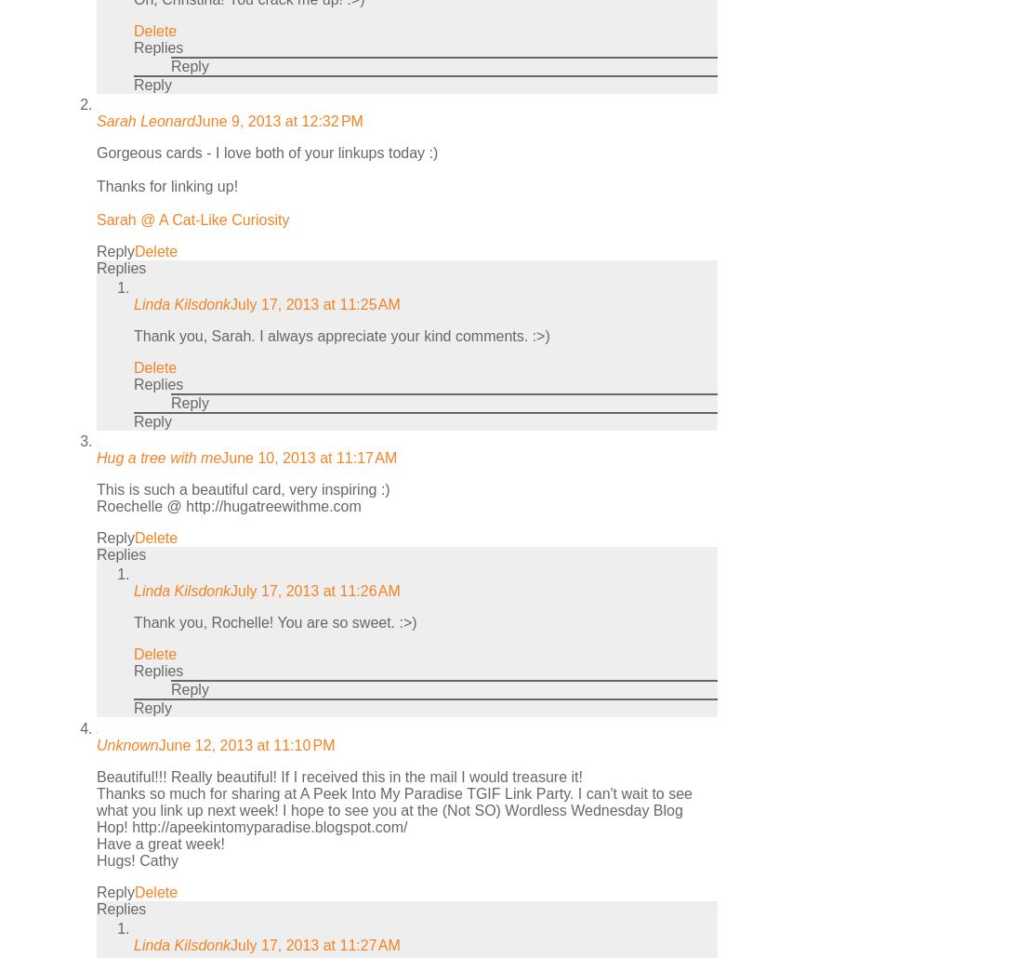  I want to click on 'Unknown', so click(97, 743).